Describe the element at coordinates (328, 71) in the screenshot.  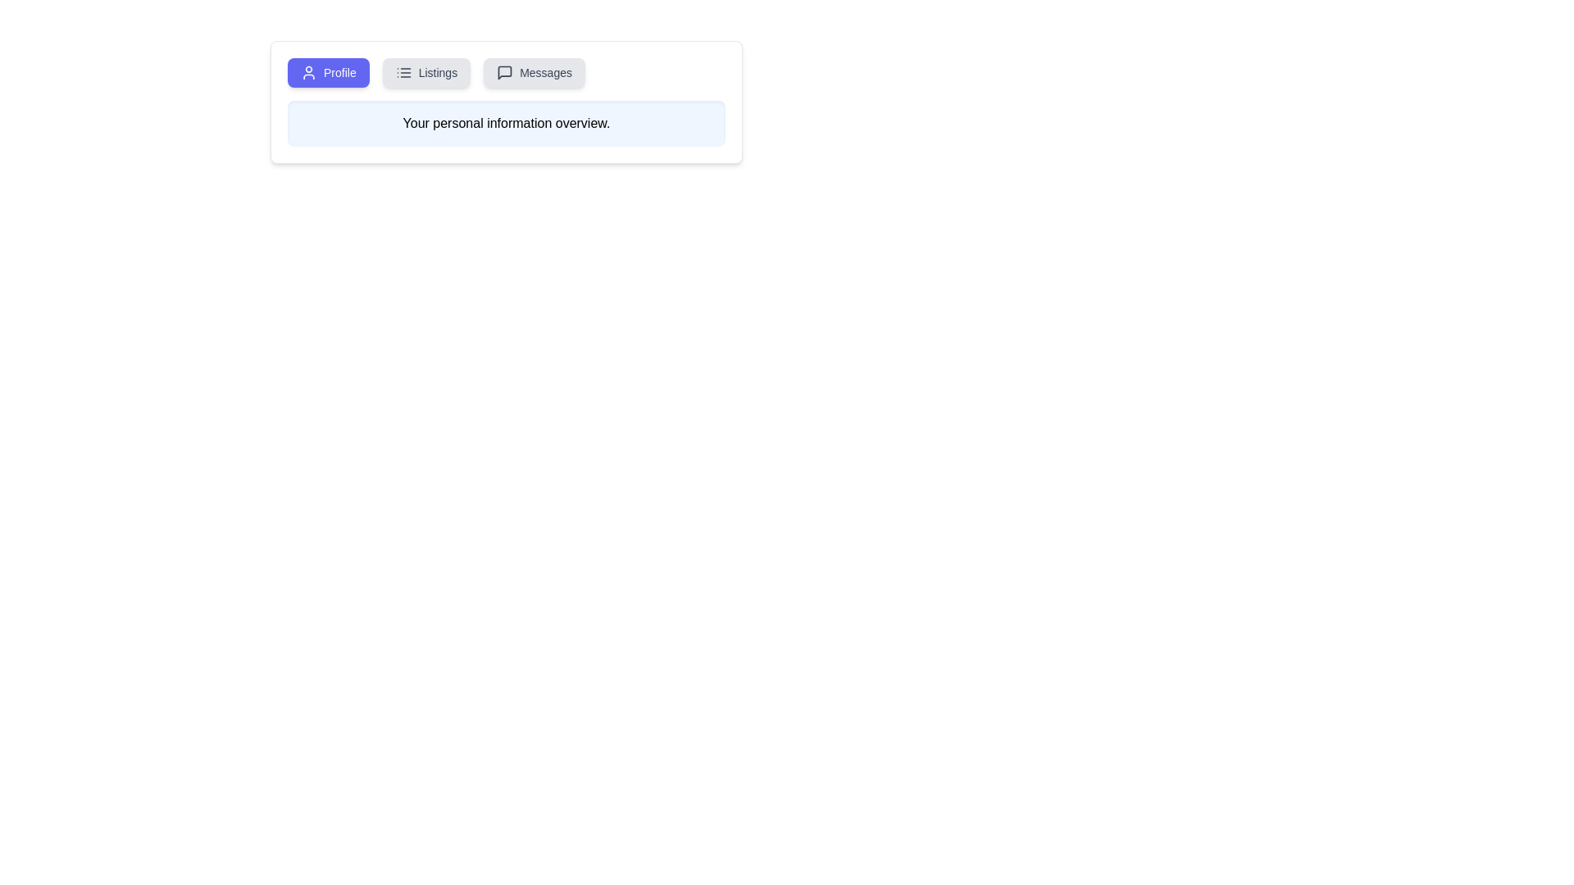
I see `the tab labeled Profile to view its content` at that location.